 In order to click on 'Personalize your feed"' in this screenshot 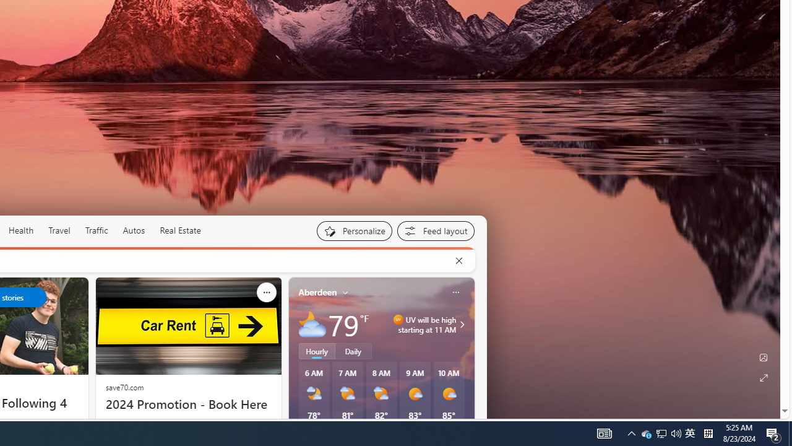, I will do `click(353, 230)`.